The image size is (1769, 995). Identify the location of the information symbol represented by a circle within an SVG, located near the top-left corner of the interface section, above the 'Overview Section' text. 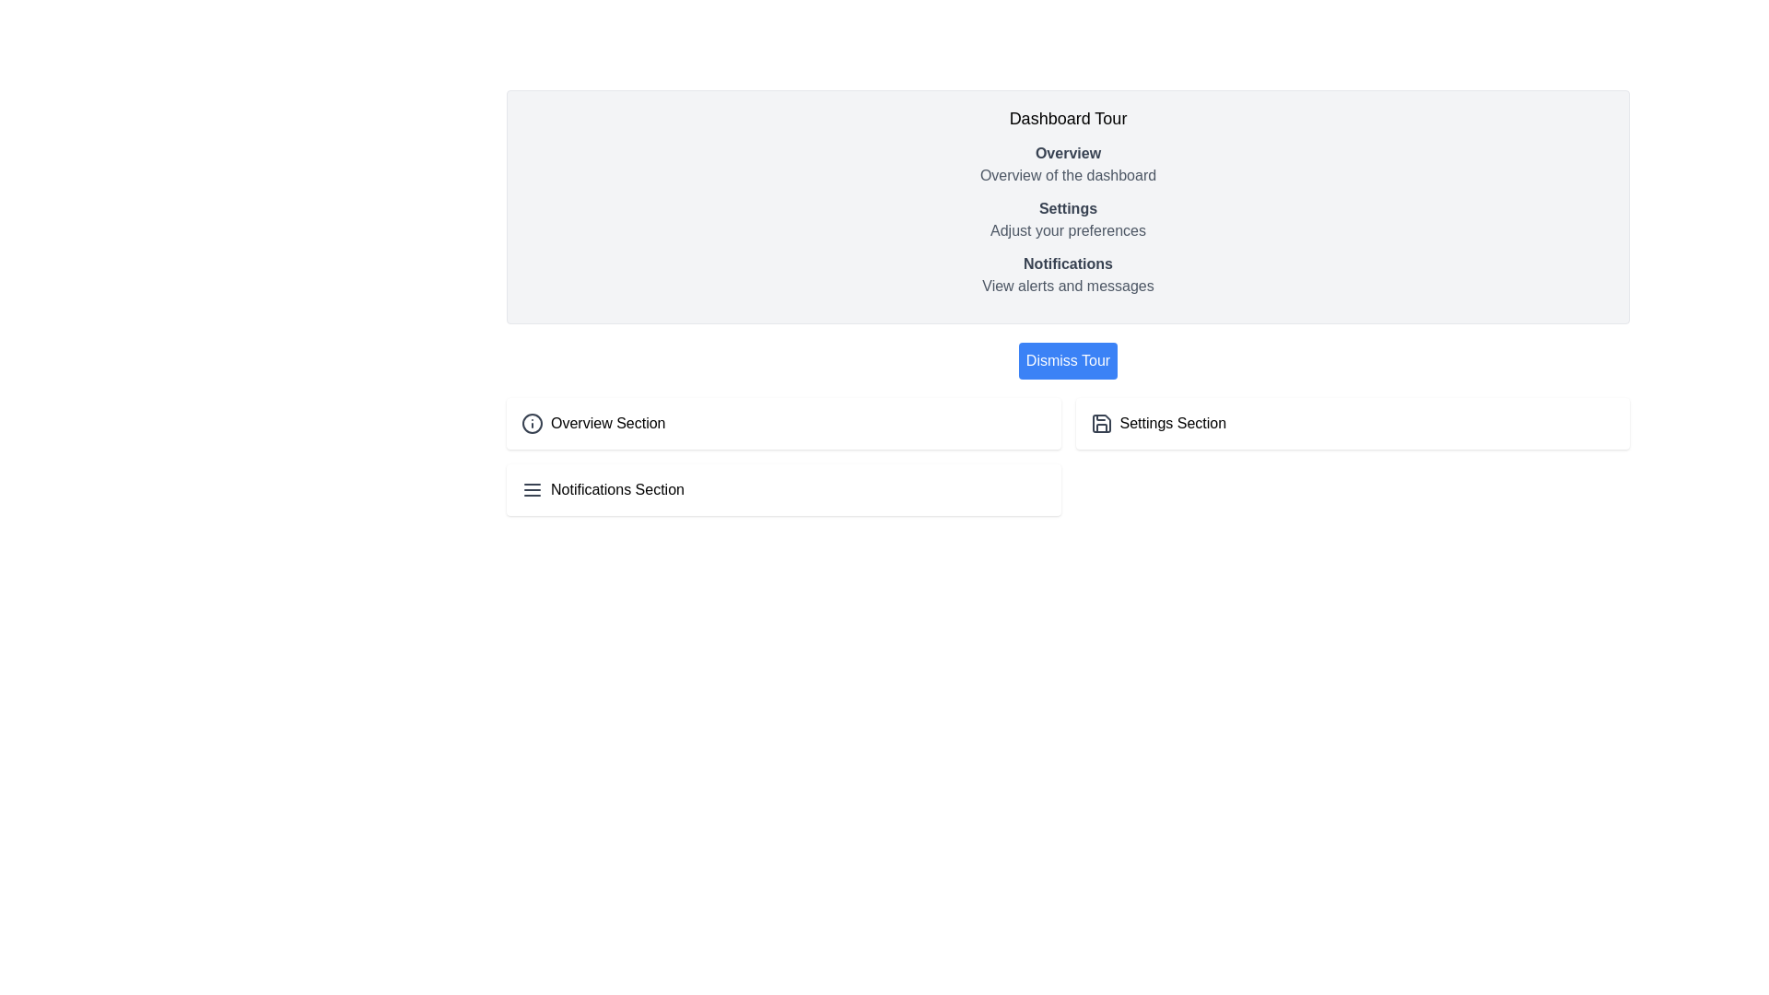
(531, 423).